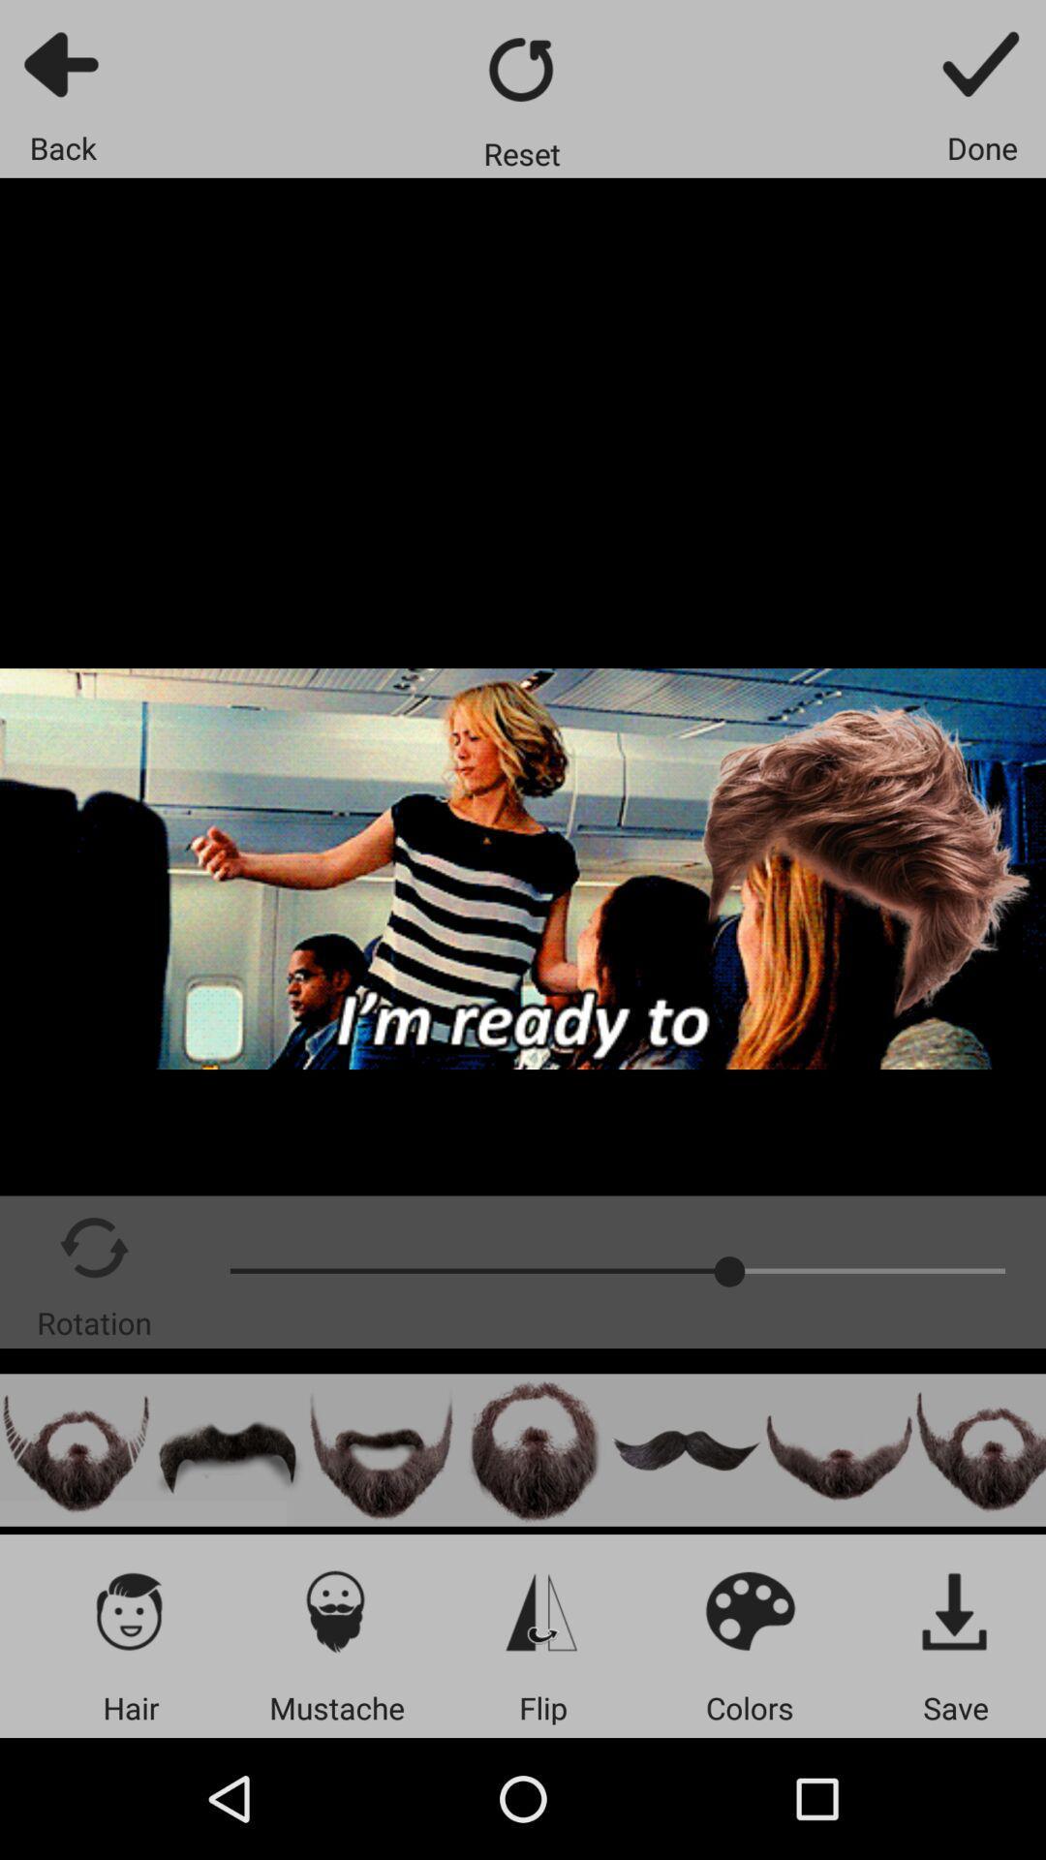 The width and height of the screenshot is (1046, 1860). I want to click on a filter of a beard, so click(838, 1450).